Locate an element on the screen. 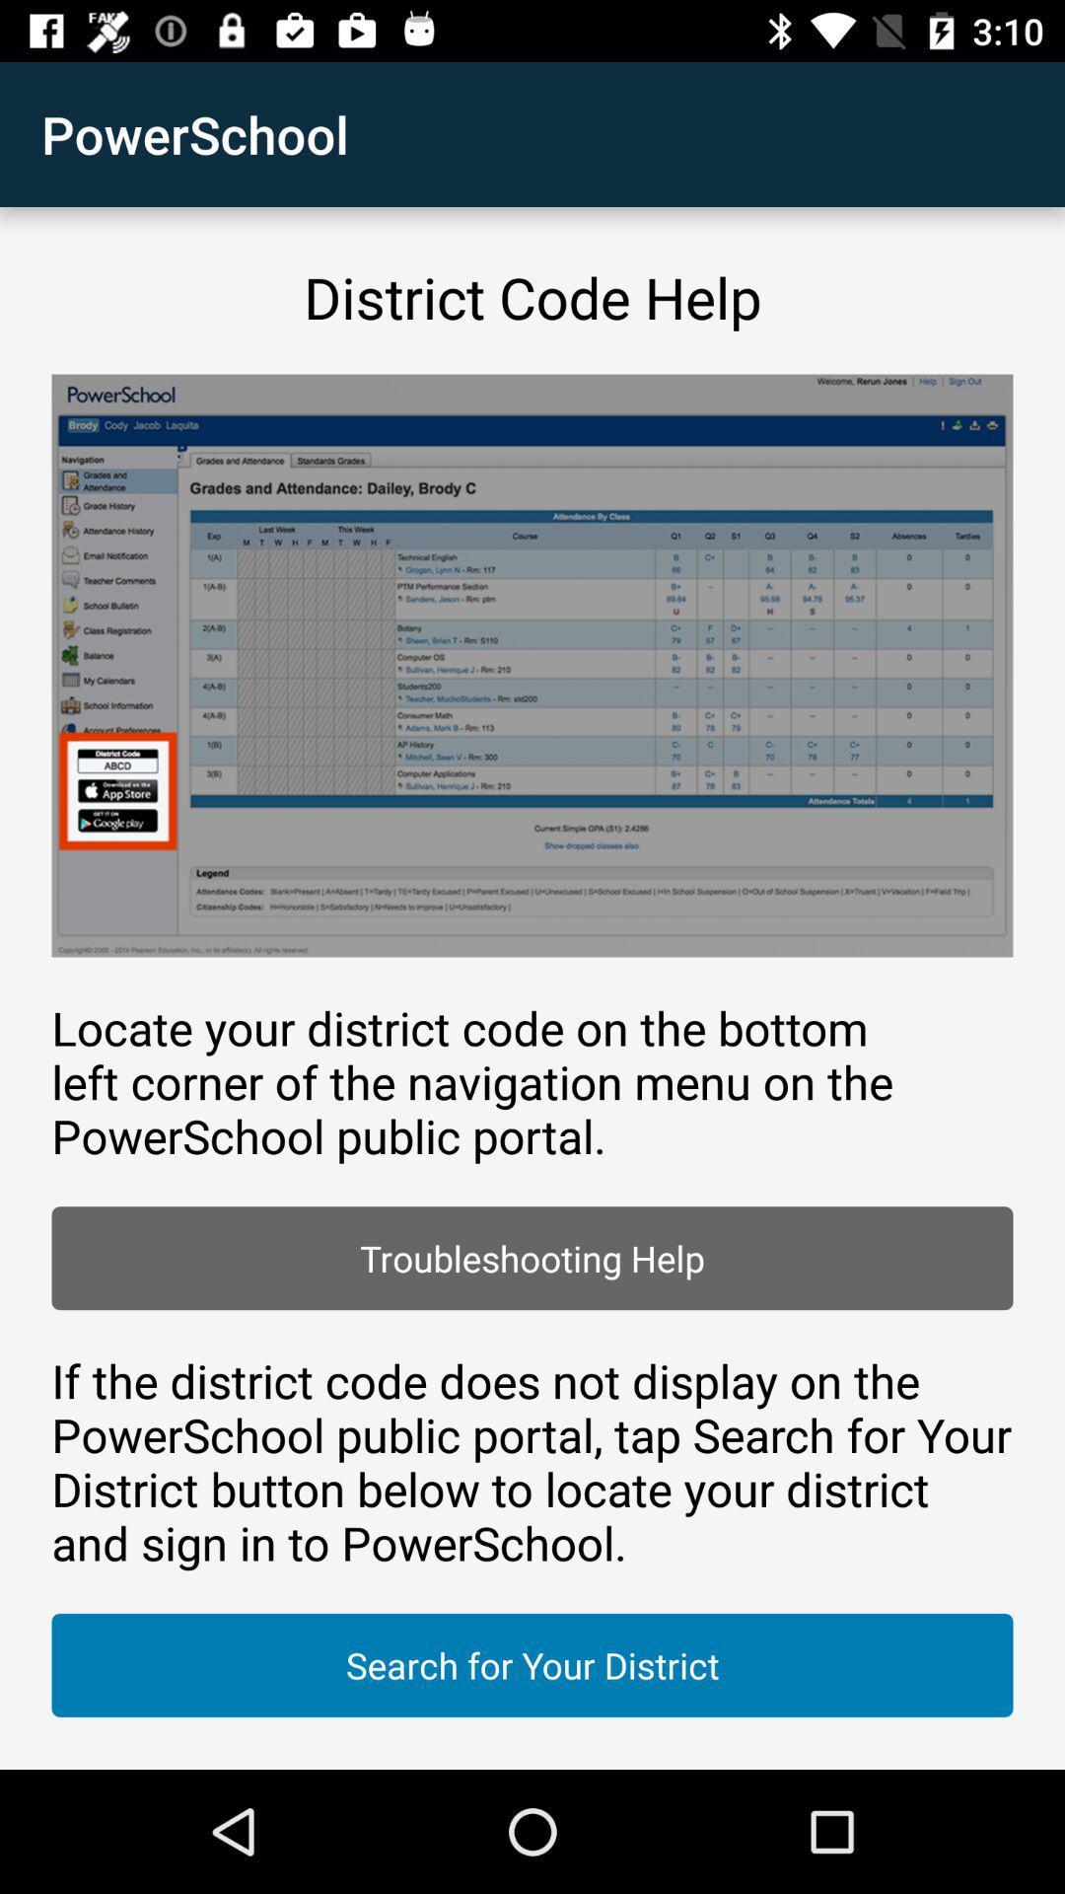 The width and height of the screenshot is (1065, 1894). the icon above the if the district icon is located at coordinates (532, 1257).